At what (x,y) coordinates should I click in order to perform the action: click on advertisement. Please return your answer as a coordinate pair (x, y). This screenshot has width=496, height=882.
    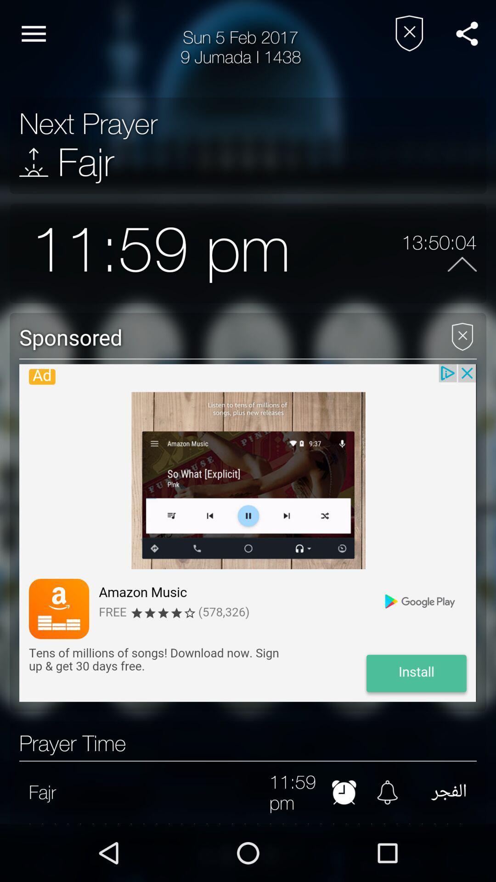
    Looking at the image, I should click on (462, 333).